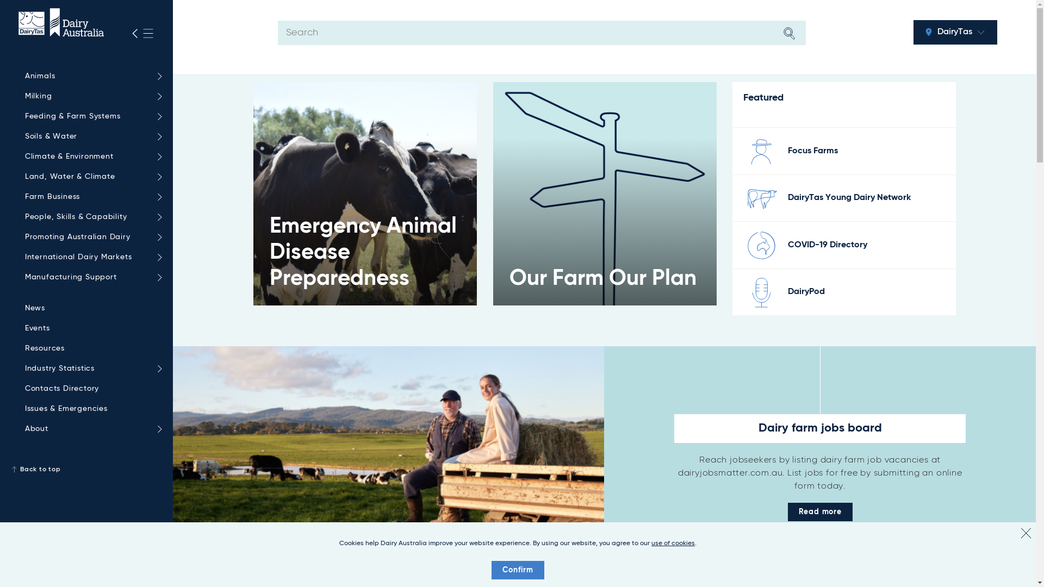  Describe the element at coordinates (91, 96) in the screenshot. I see `'Milking'` at that location.